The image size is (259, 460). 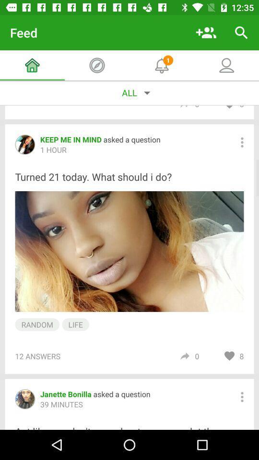 What do you see at coordinates (241, 142) in the screenshot?
I see `show post options` at bounding box center [241, 142].